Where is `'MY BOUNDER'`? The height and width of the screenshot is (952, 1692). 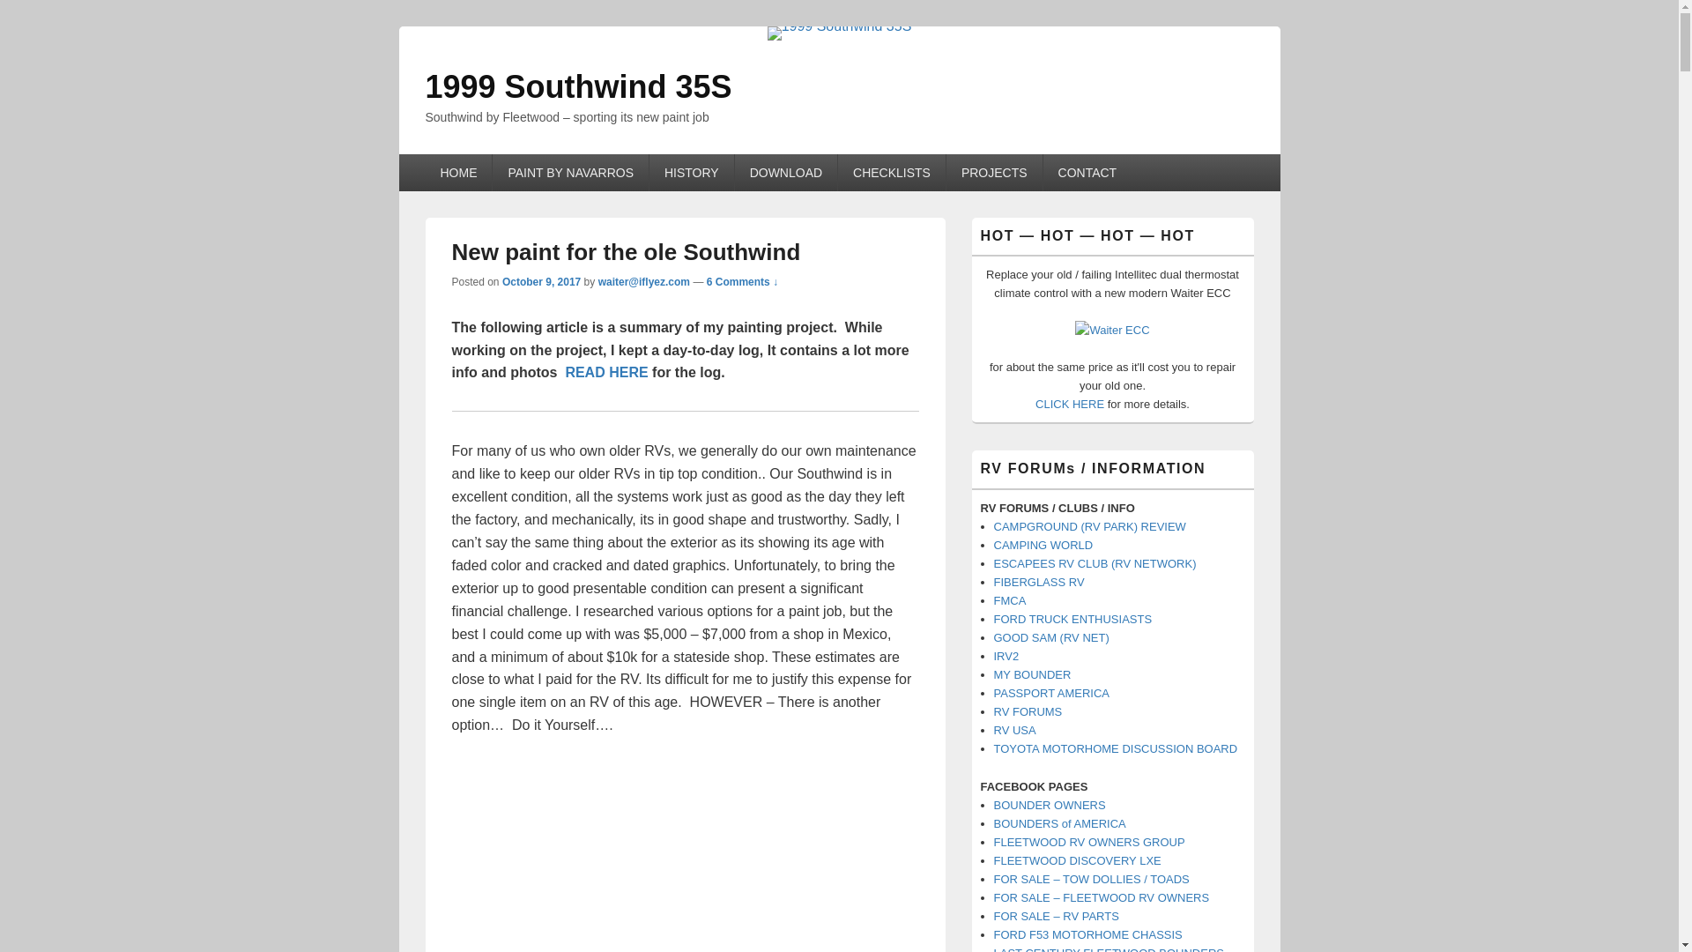 'MY BOUNDER' is located at coordinates (994, 674).